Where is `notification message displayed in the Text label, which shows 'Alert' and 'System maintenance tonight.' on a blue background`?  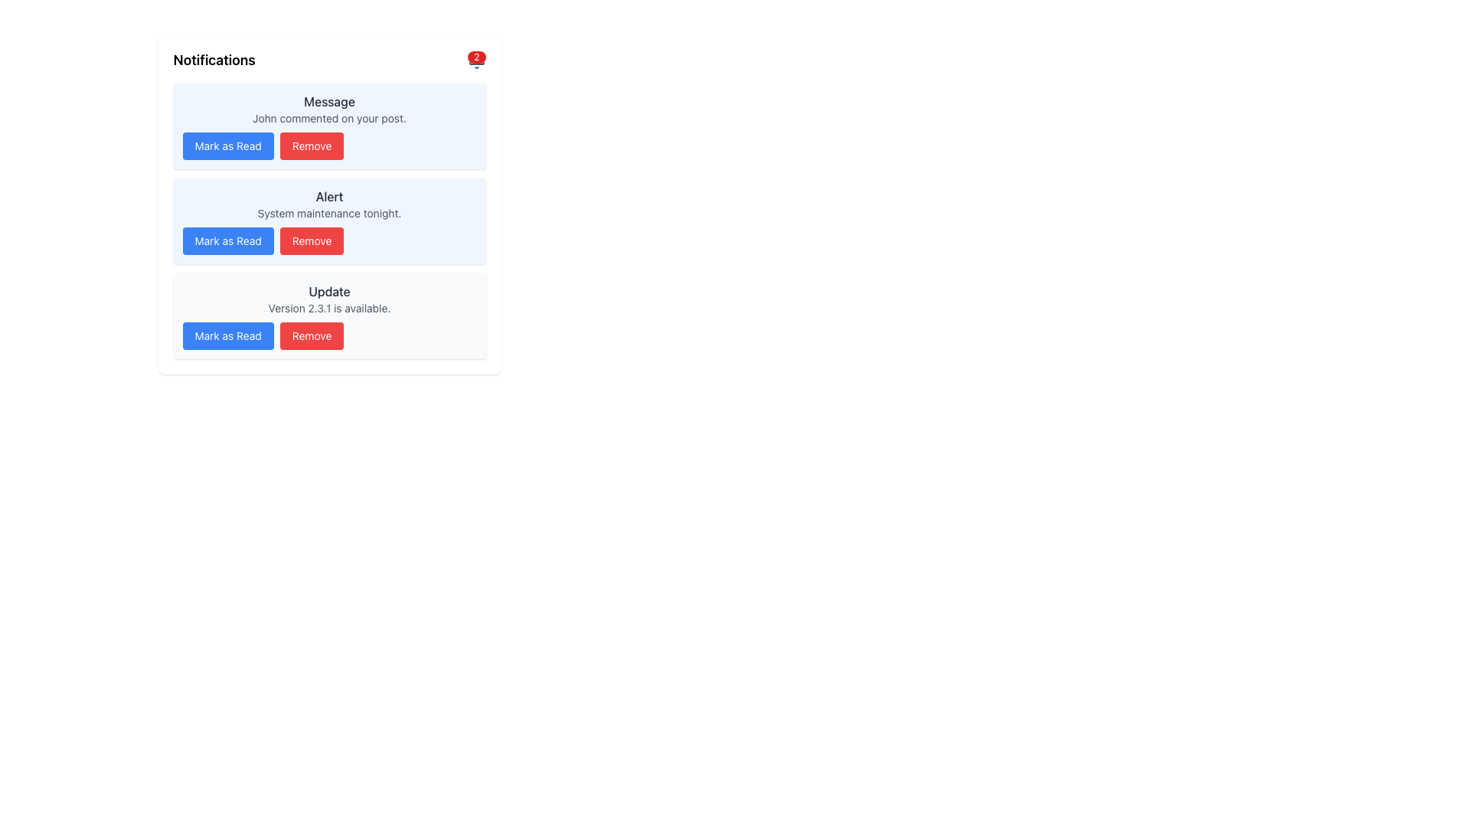 notification message displayed in the Text label, which shows 'Alert' and 'System maintenance tonight.' on a blue background is located at coordinates (328, 203).